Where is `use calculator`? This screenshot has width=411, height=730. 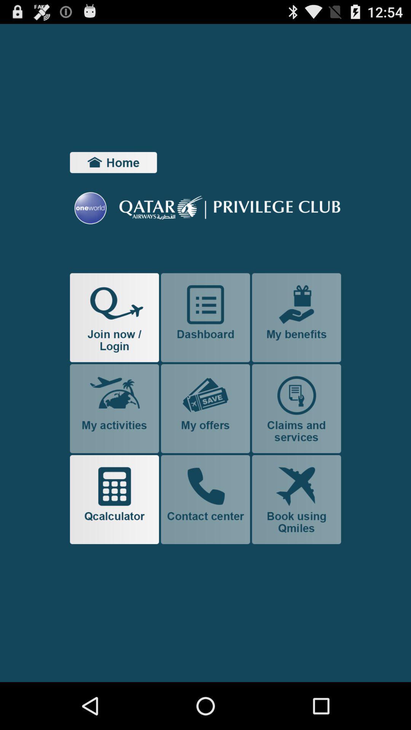 use calculator is located at coordinates (114, 500).